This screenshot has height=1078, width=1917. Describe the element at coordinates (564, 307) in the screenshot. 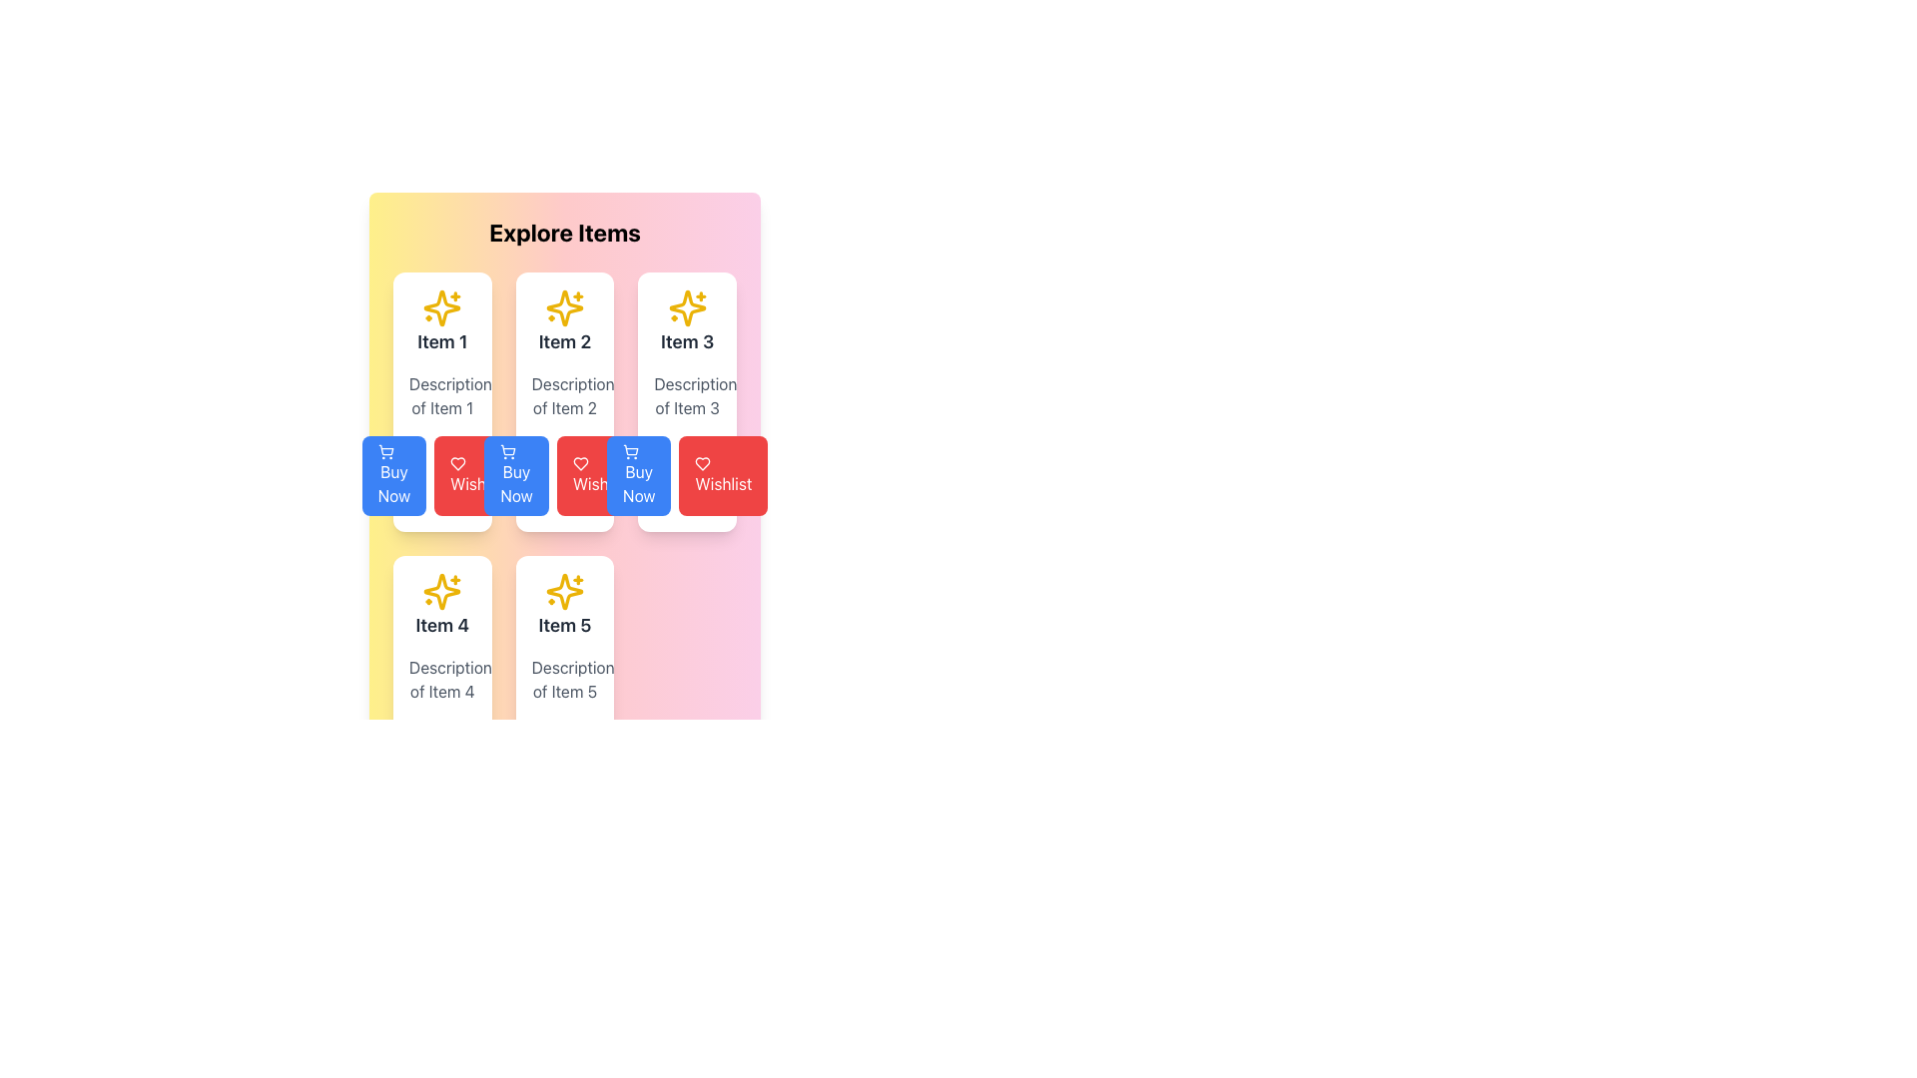

I see `the decorative icon representing 'Item 2' positioned in the top region of its box` at that location.